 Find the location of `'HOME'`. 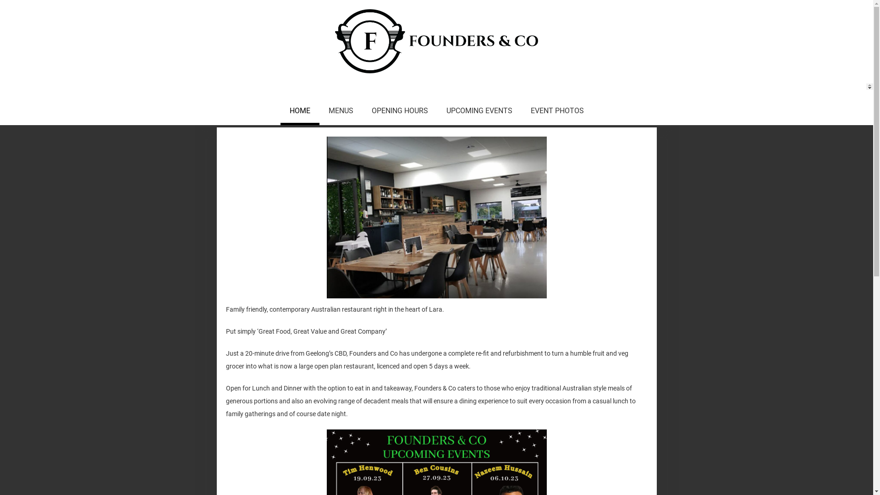

'HOME' is located at coordinates (300, 111).